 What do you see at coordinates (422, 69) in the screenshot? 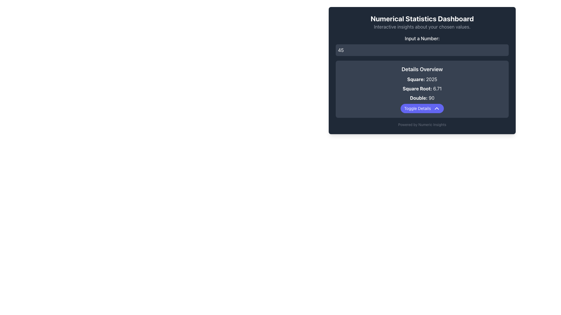
I see `the static text label at the top of the detailed information box in the dashboard, which serves as a header for the section` at bounding box center [422, 69].